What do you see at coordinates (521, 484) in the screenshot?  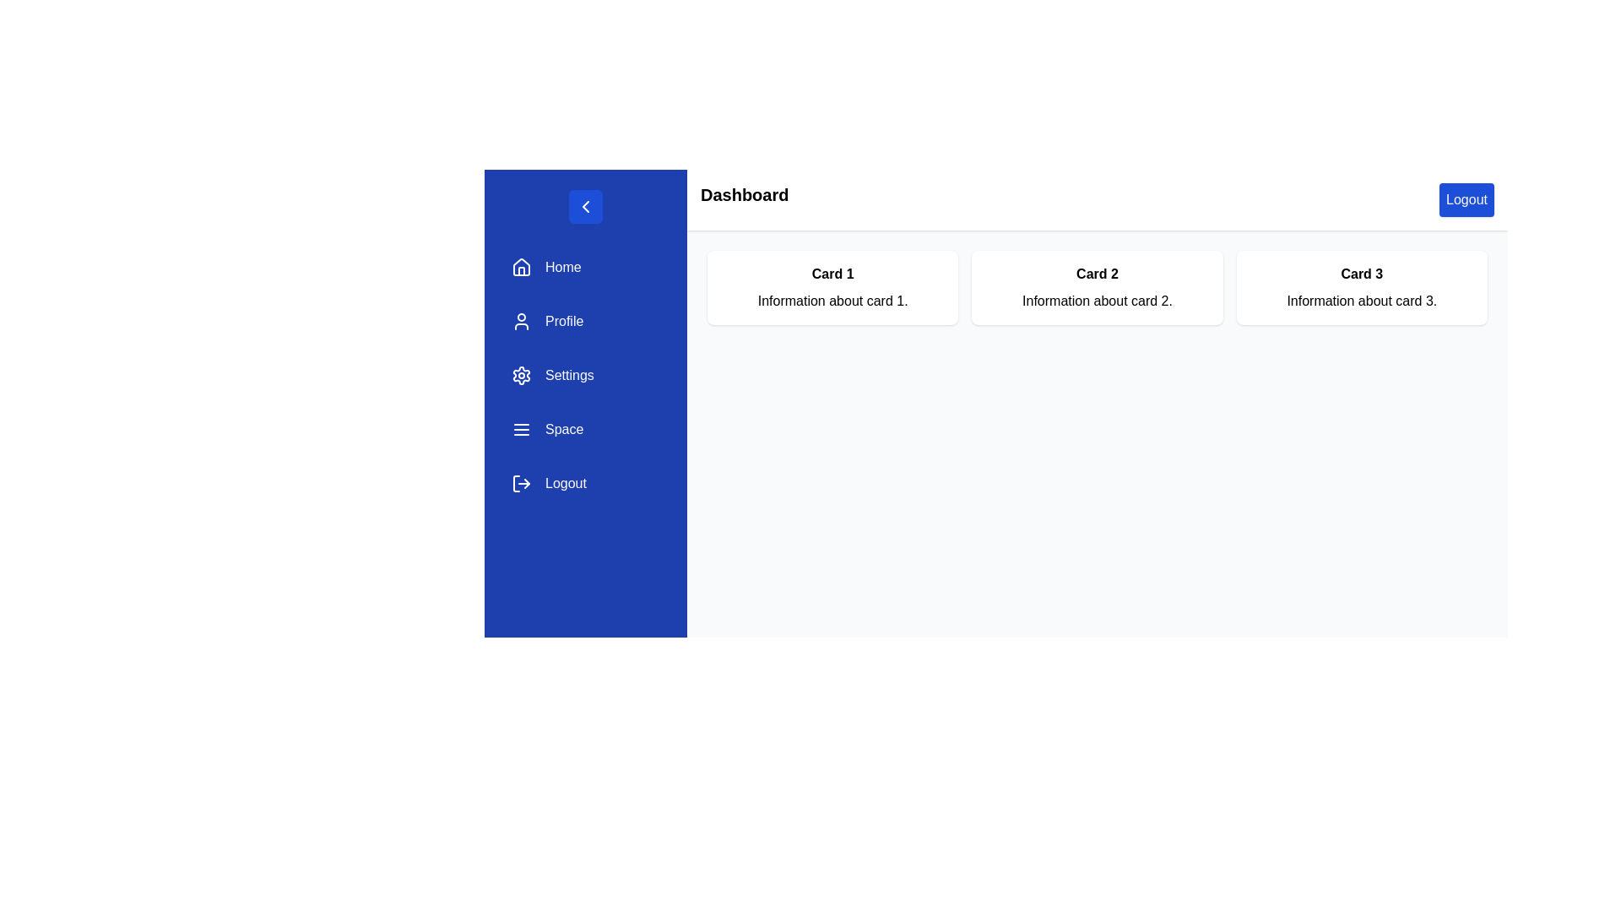 I see `the logout icon located in the sidebar menu at the bottom, adjacent to the text 'Logout'` at bounding box center [521, 484].